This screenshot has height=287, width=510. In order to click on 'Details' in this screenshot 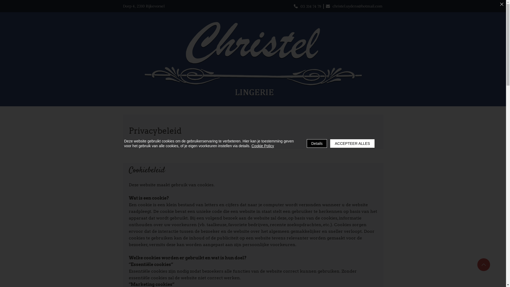, I will do `click(317, 143)`.